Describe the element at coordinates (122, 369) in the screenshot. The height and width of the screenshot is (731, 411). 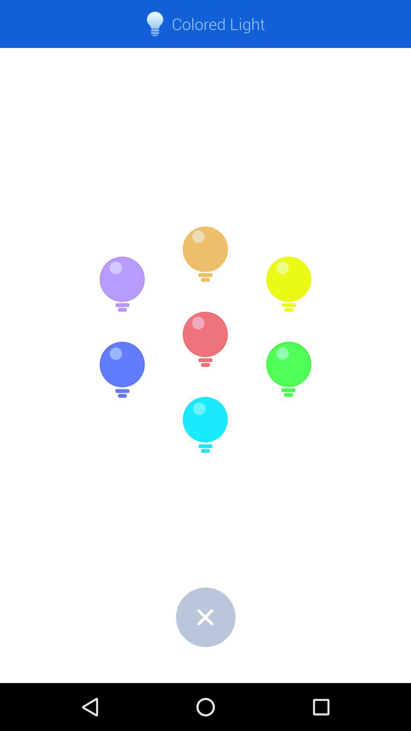
I see `dark blue colored light` at that location.